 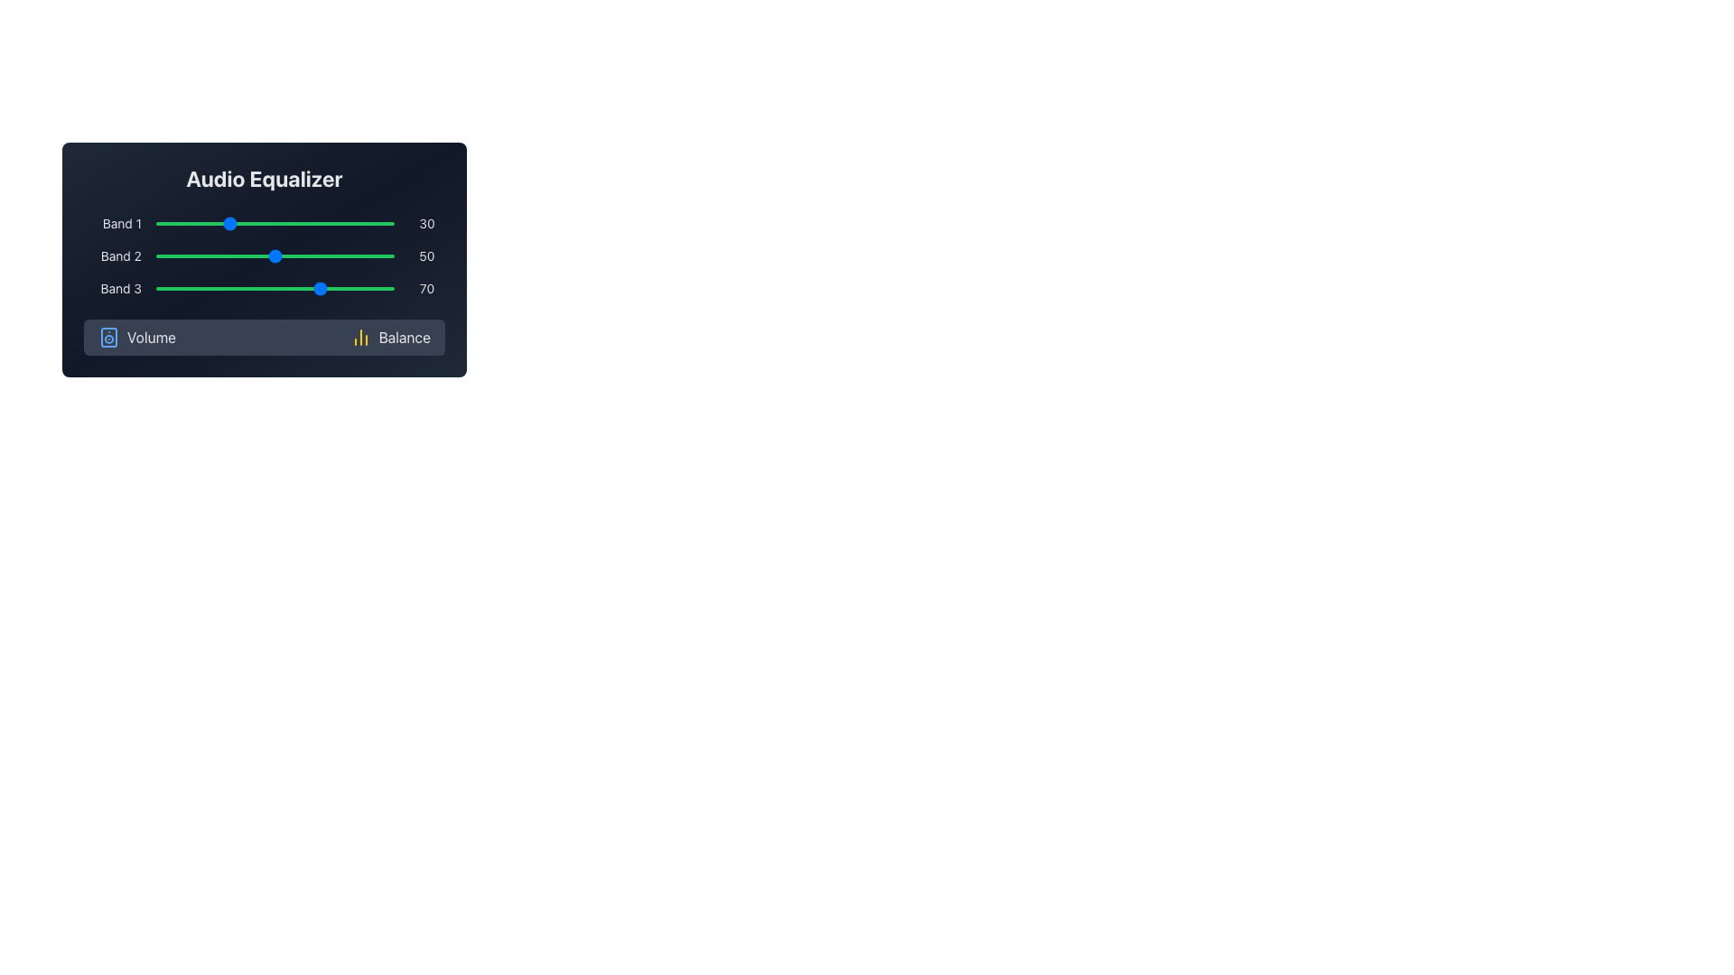 What do you see at coordinates (389, 338) in the screenshot?
I see `the 'Balance' button which has a yellow bar chart icon on the left and white text on a dark gray background` at bounding box center [389, 338].